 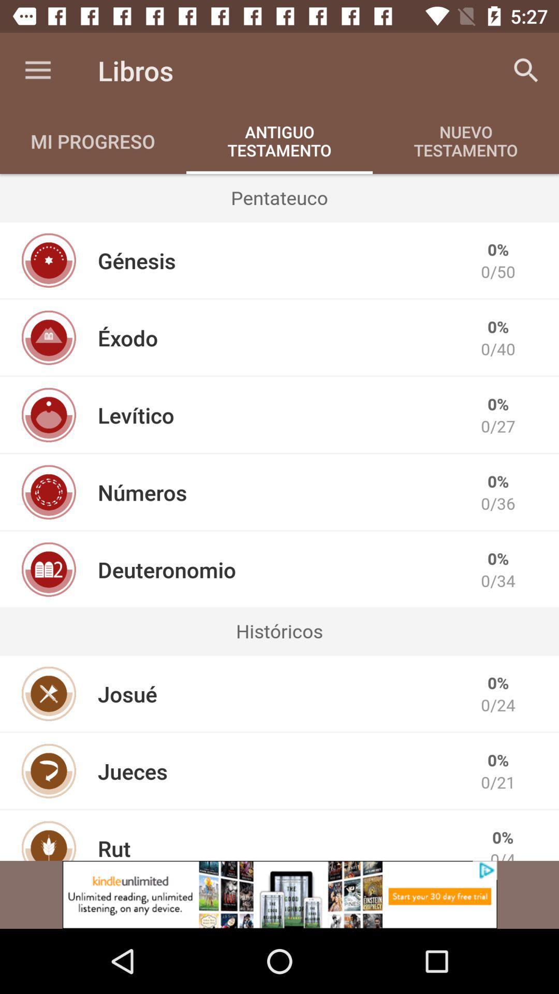 I want to click on the item to the left of the 0/21 item, so click(x=132, y=771).